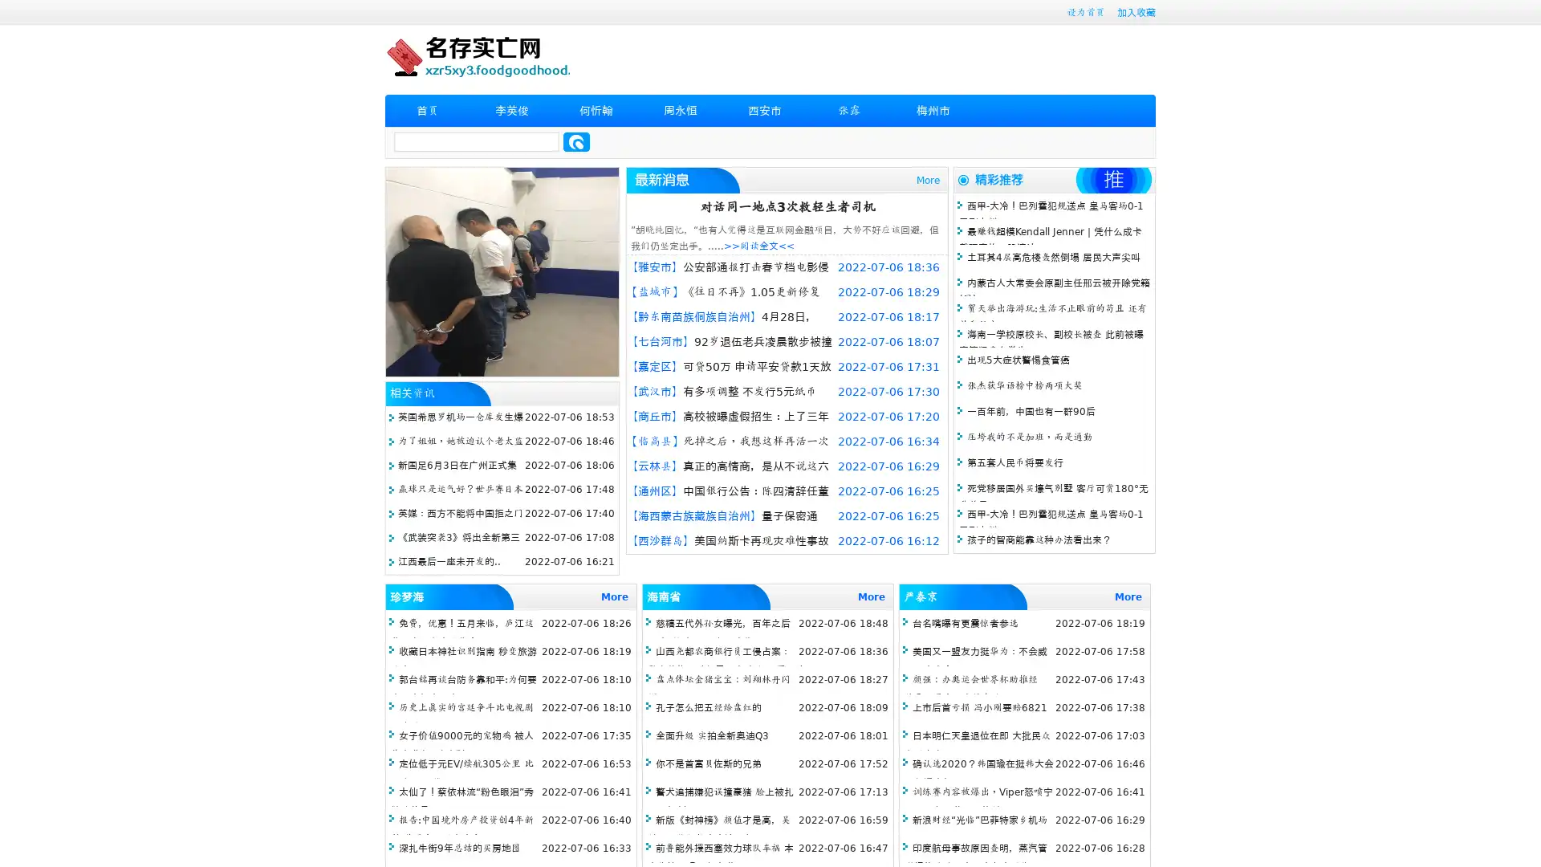 Image resolution: width=1541 pixels, height=867 pixels. What do you see at coordinates (576, 141) in the screenshot?
I see `Search` at bounding box center [576, 141].